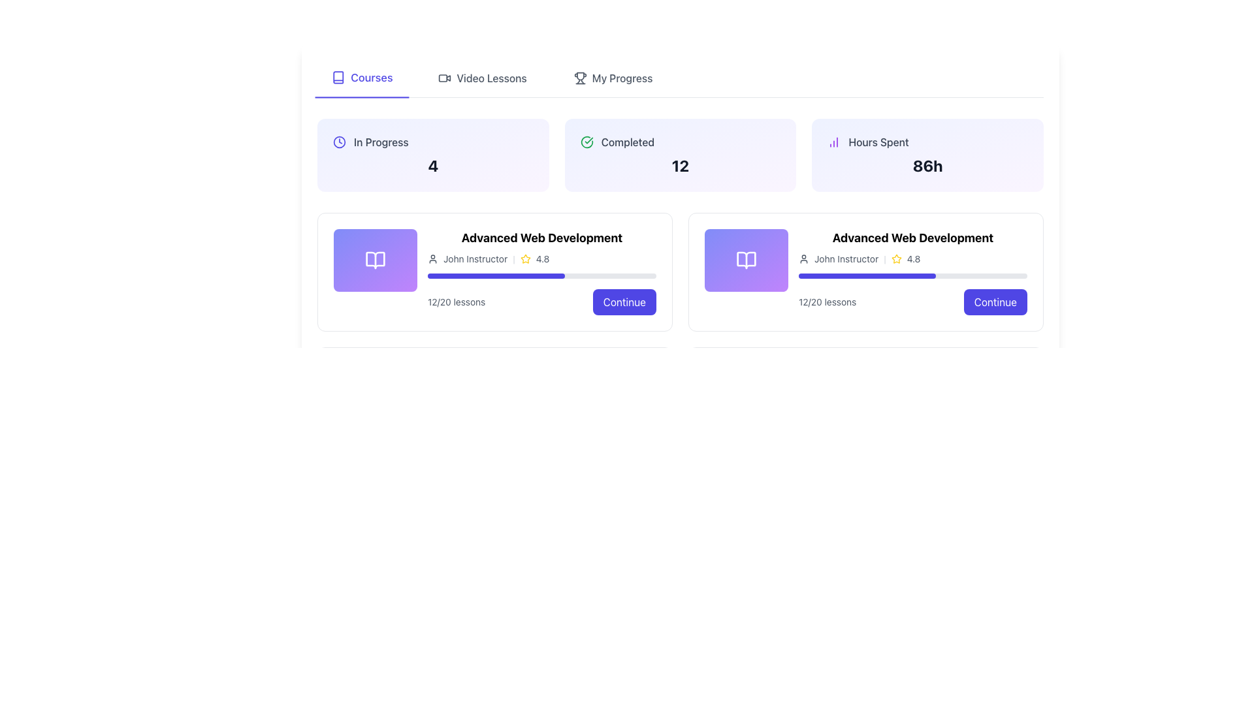 The image size is (1254, 705). I want to click on the text label that indicates the amount of hours spent, located near the top-right side of the interface, above the '86h' text, so click(878, 142).